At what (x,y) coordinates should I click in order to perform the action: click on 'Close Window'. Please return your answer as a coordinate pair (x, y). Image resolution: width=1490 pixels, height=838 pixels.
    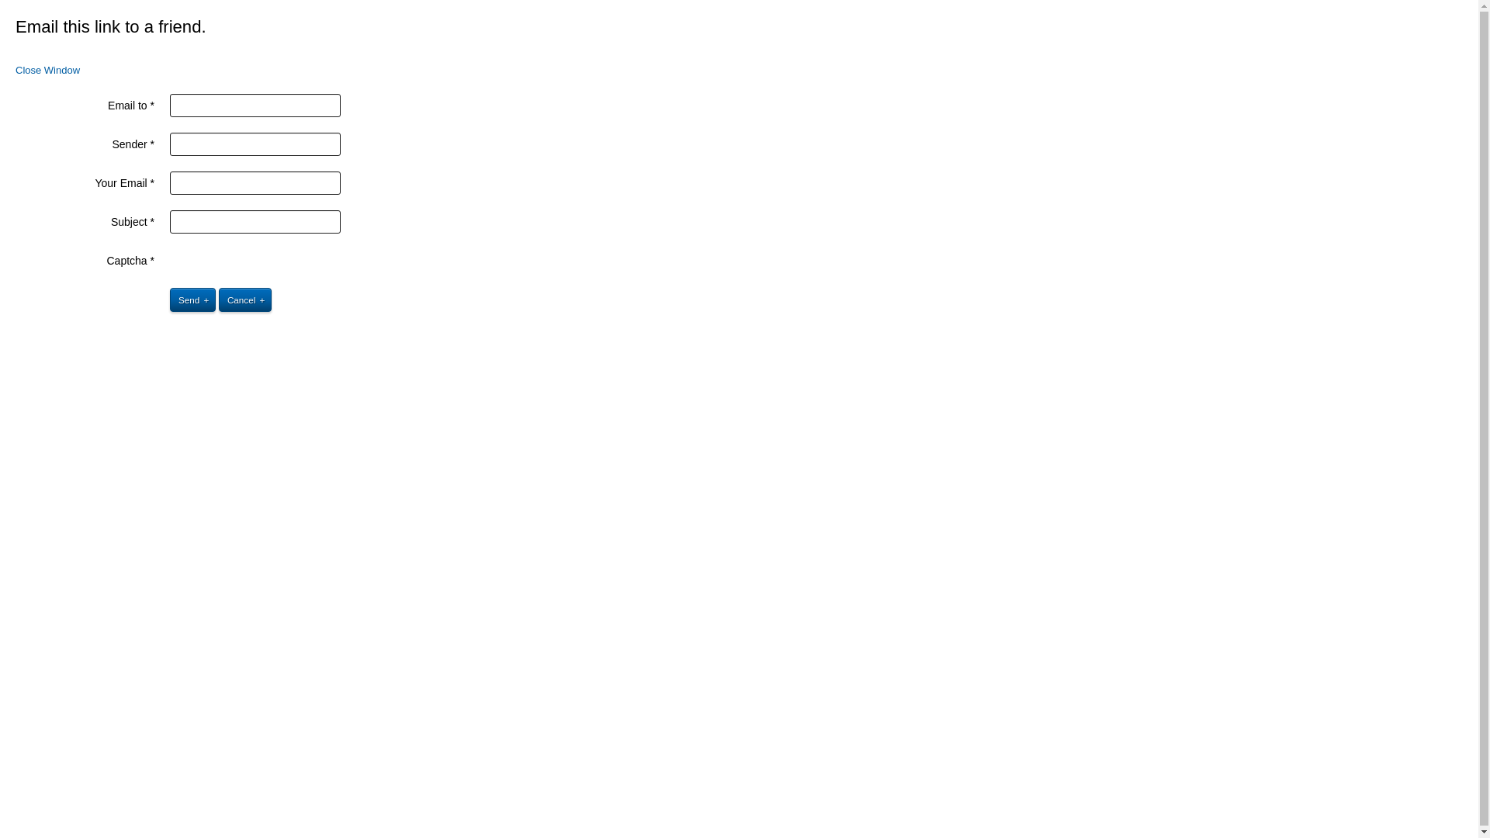
    Looking at the image, I should click on (47, 70).